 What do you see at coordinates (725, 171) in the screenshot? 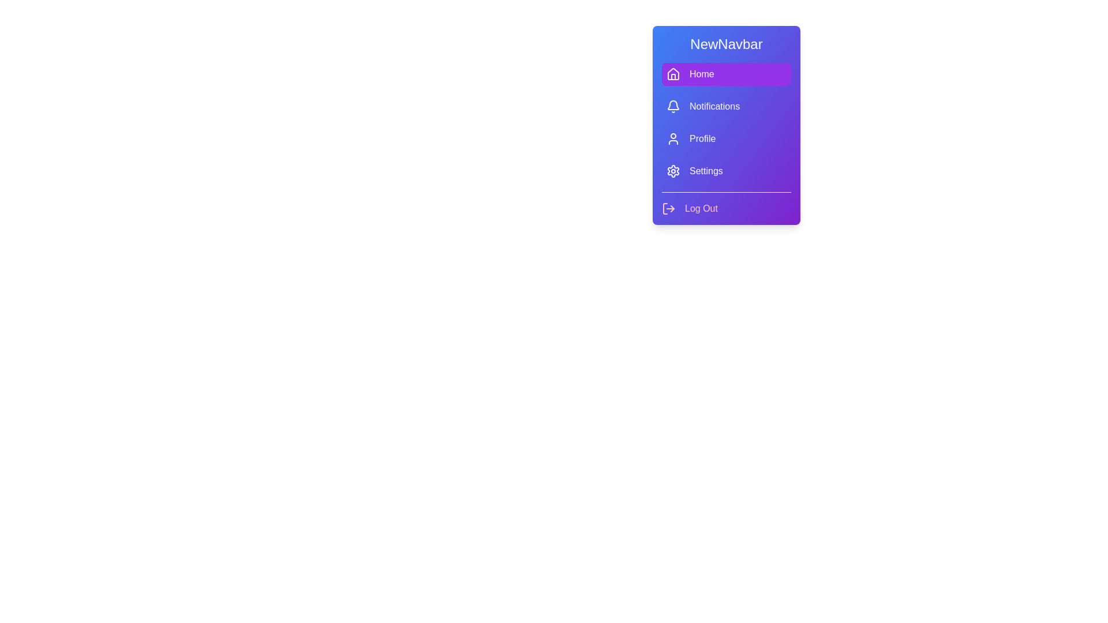
I see `the settings button-like navigation link located in the sidebar menu for accessibility navigation` at bounding box center [725, 171].